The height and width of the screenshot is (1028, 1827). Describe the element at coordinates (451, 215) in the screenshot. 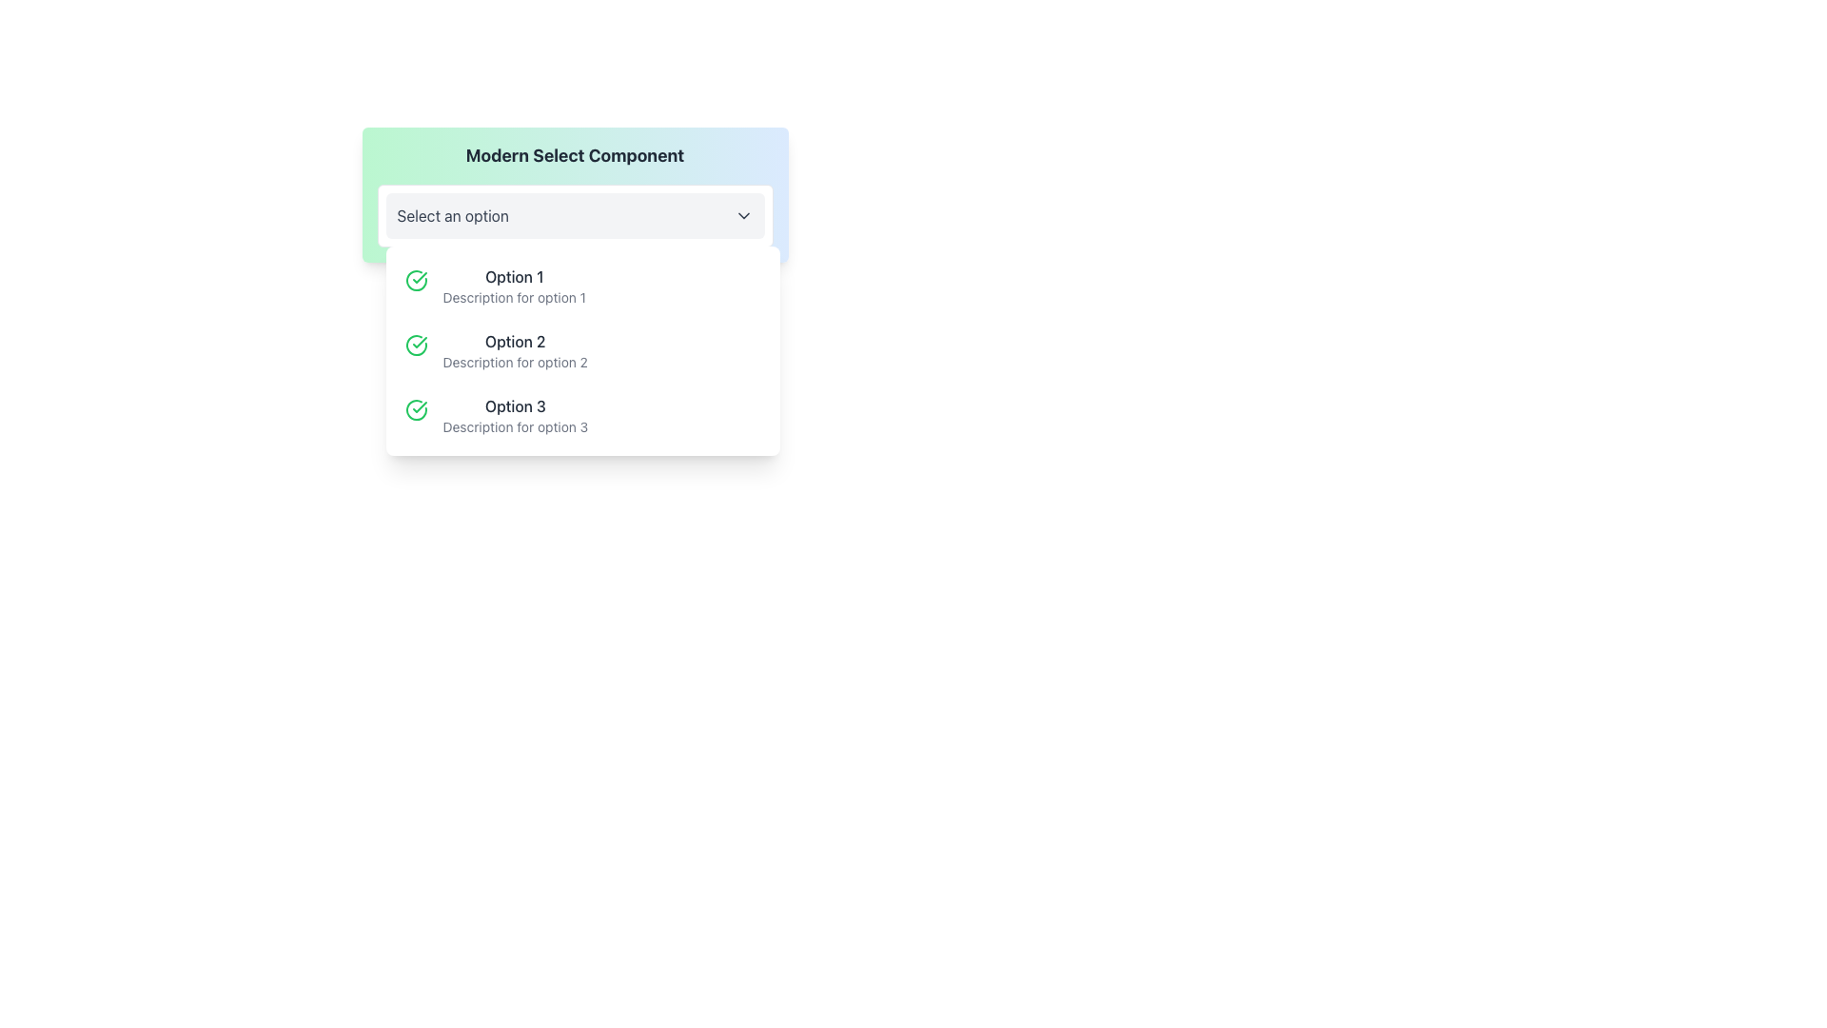

I see `the dropdown text label located in the header of the dropdown component` at that location.